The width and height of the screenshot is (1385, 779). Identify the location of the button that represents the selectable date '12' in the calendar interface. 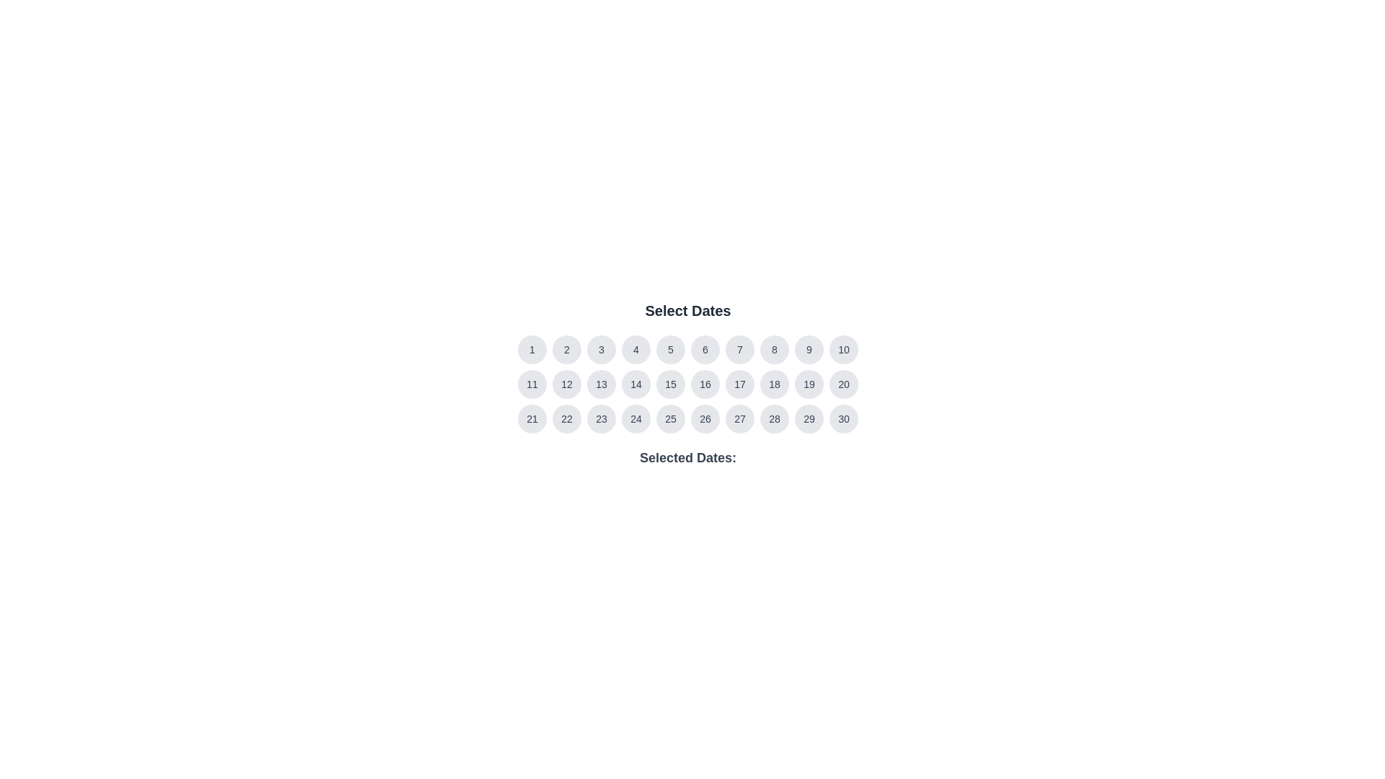
(566, 383).